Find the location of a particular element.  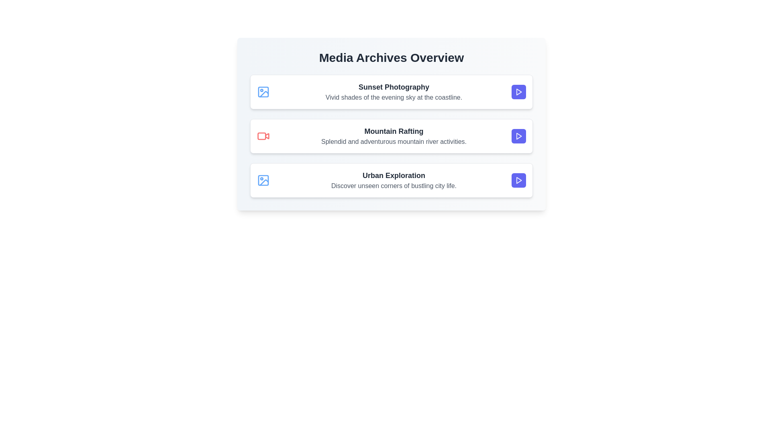

the media item corresponding to Urban Exploration is located at coordinates (391, 180).